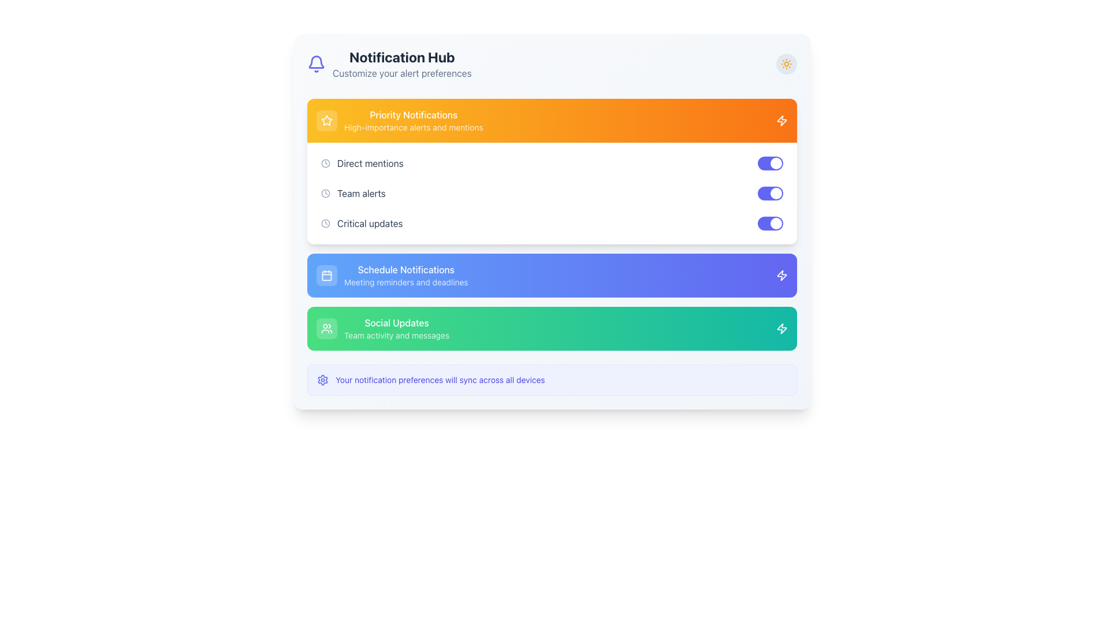 The image size is (1109, 624). I want to click on the 'Priority Notifications' text area, which is located on an orange background above the notification categories and below the 'Notification Hub' section, so click(414, 120).